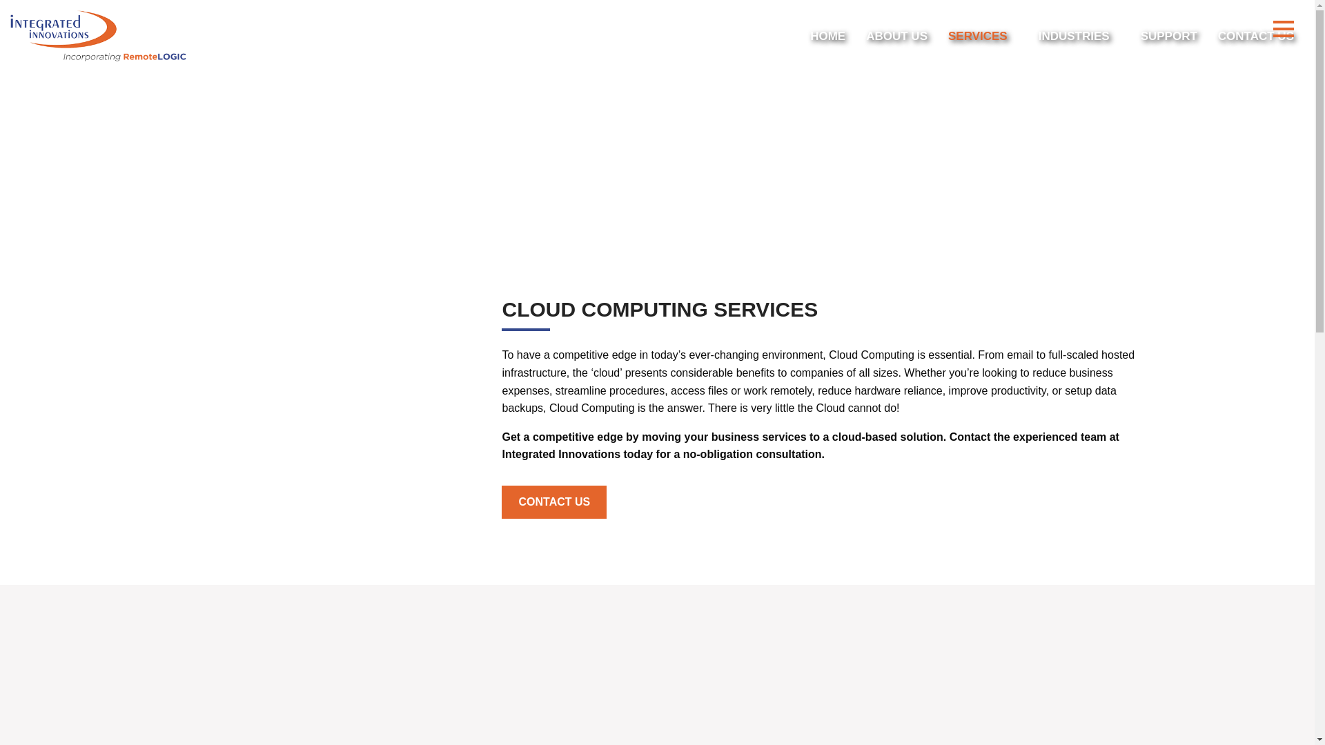  I want to click on 'Integrated Innovations', so click(97, 35).